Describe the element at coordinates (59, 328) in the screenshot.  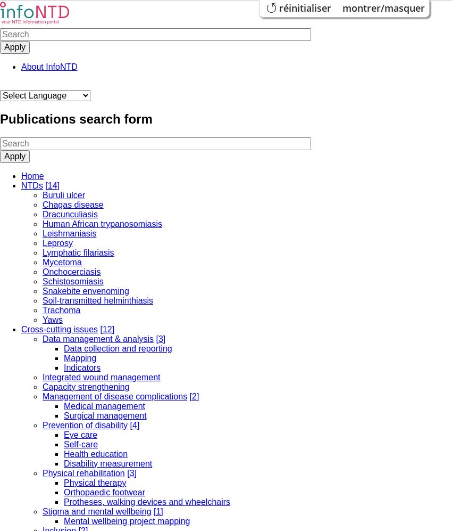
I see `'Cross-cutting issues'` at that location.